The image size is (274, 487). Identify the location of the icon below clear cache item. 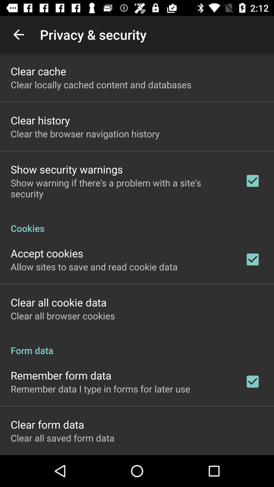
(101, 84).